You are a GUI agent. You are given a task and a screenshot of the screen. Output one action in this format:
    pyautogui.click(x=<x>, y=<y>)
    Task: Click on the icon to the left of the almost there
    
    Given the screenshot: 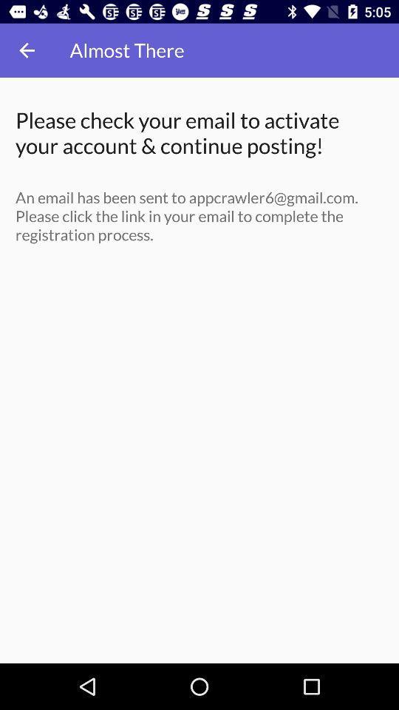 What is the action you would take?
    pyautogui.click(x=27, y=50)
    